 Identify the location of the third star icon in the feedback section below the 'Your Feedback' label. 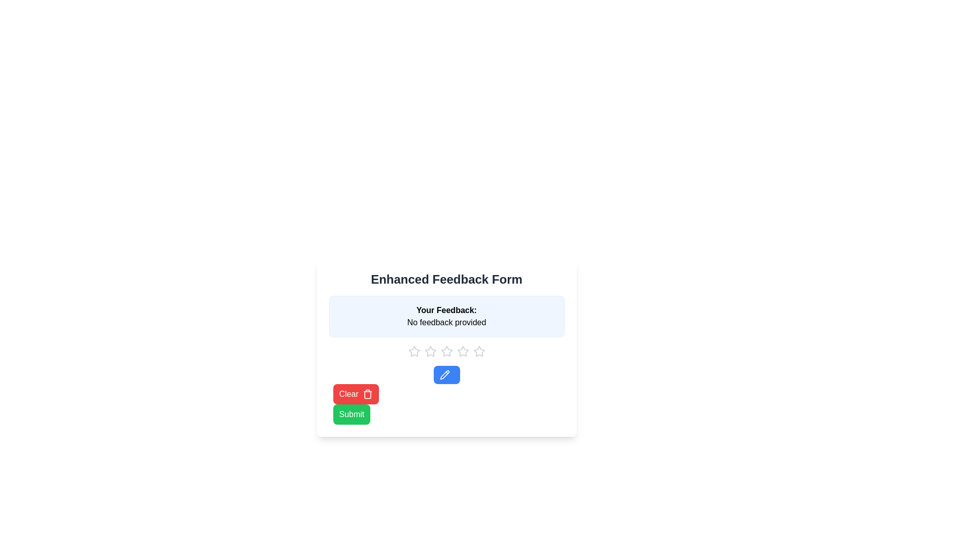
(430, 351).